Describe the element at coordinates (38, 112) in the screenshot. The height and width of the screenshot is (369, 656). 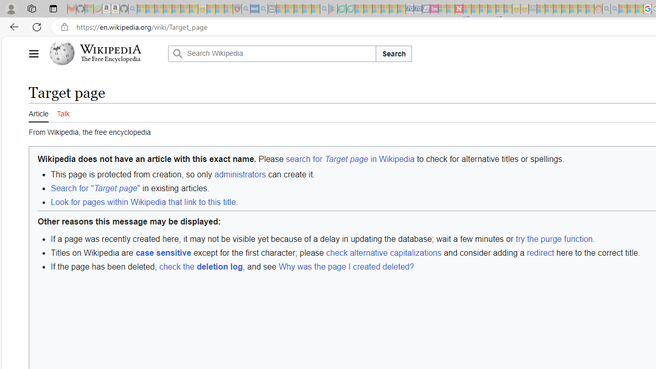
I see `'Article'` at that location.